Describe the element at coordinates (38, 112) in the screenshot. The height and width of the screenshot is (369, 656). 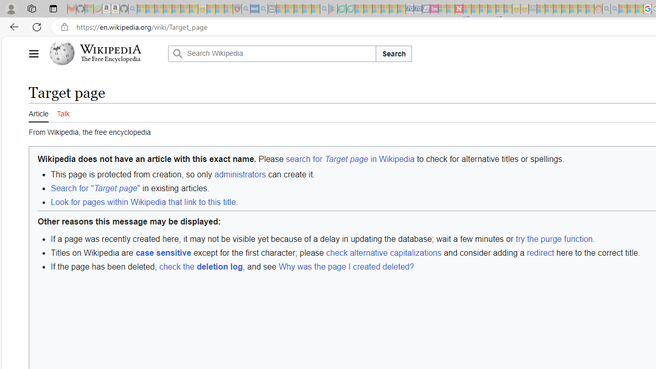
I see `'Article'` at that location.